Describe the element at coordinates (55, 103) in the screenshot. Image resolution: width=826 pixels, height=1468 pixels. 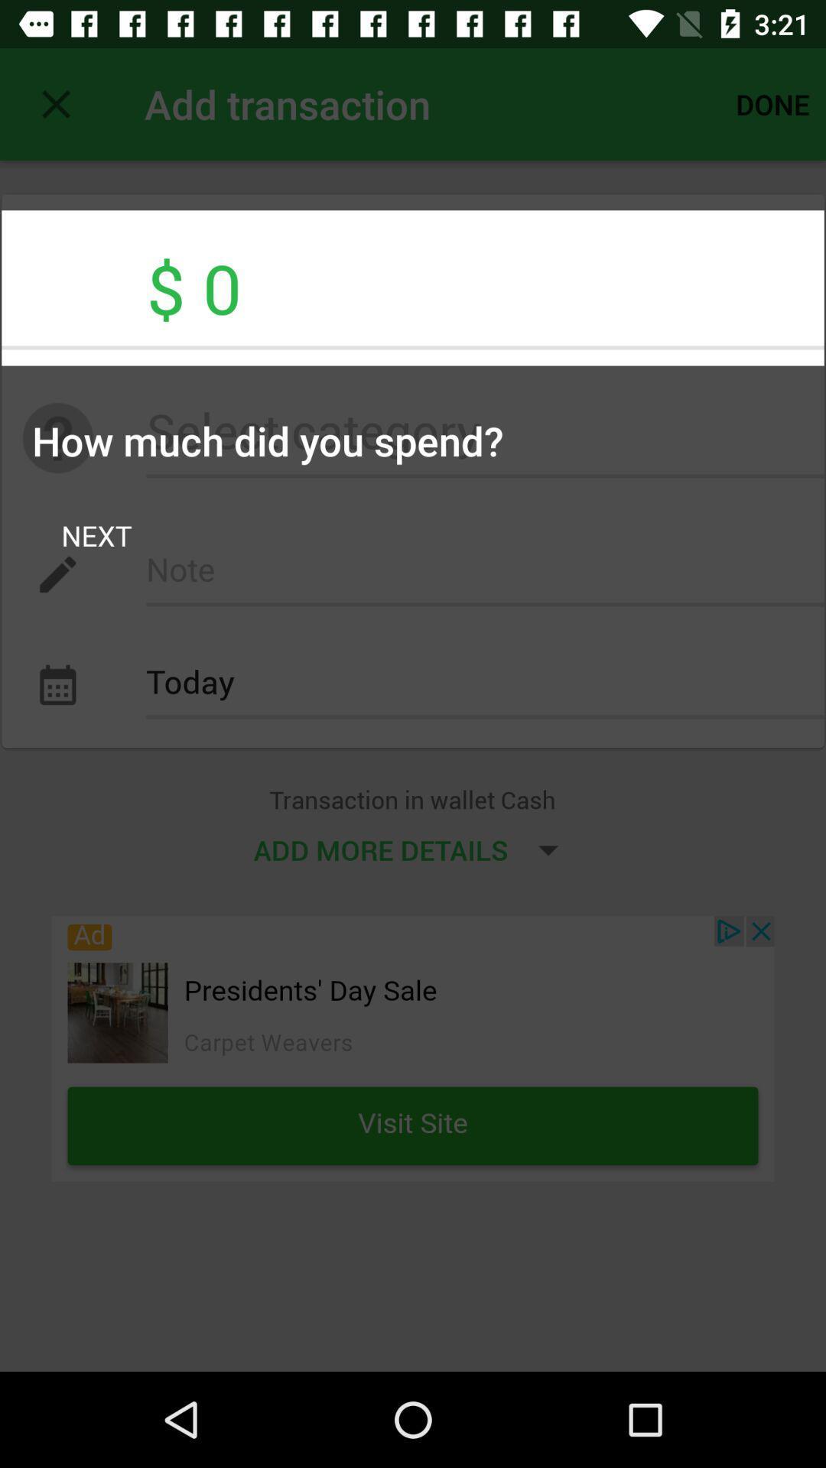
I see `the item to the left of the add transaction icon` at that location.